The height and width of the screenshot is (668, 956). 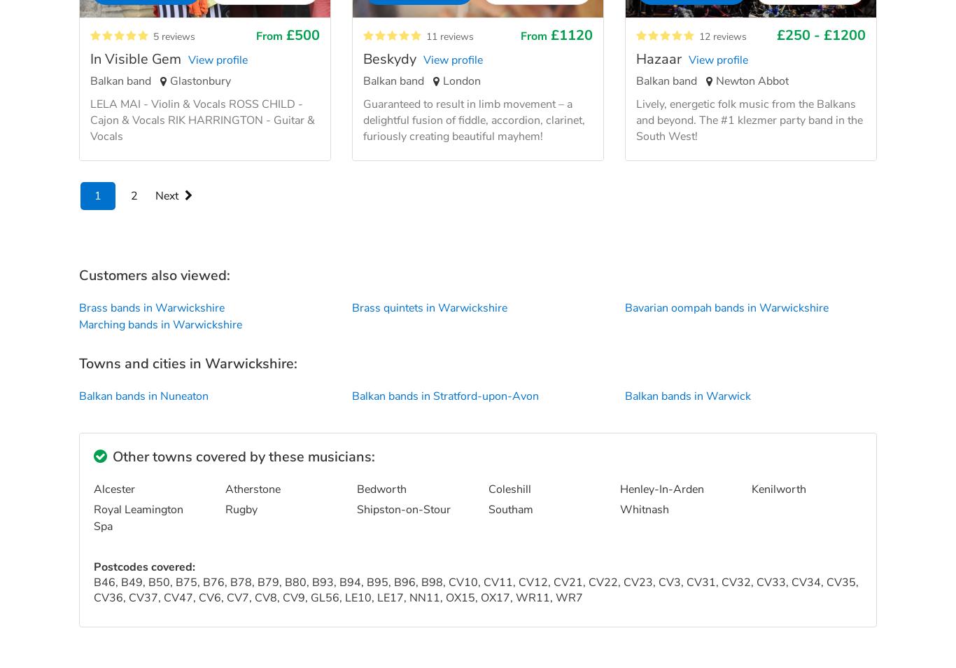 I want to click on 'LELA MAI - Violin & Vocals      ROSS CHILD -  Cajon & Vocals     RIK HARRINGTON  -  Guitar & Vocals', so click(x=202, y=118).